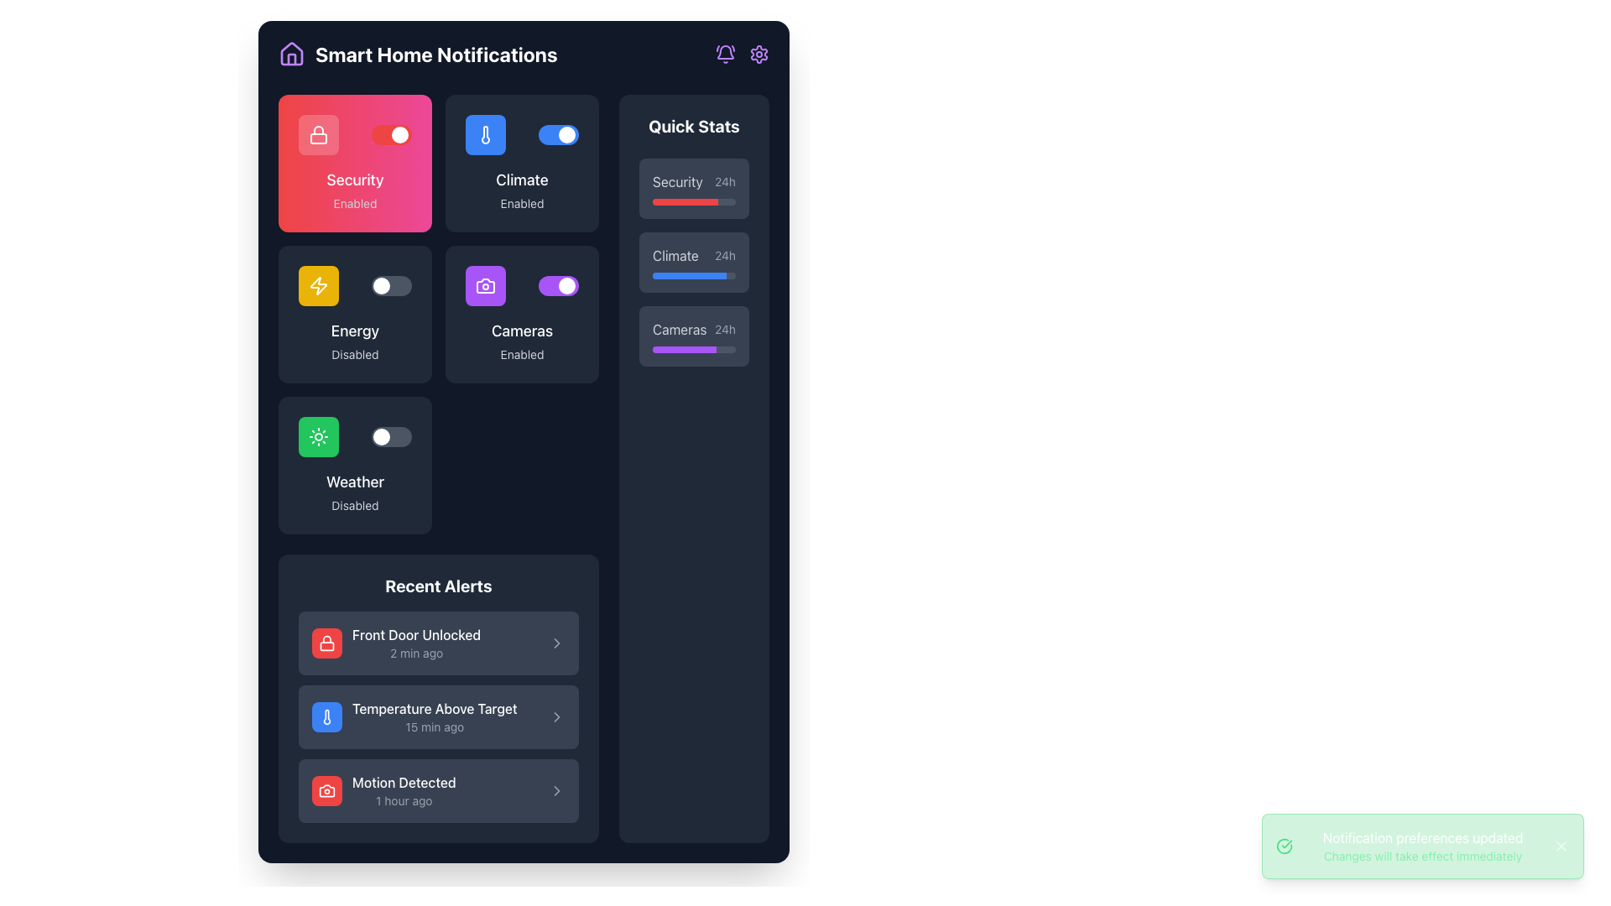 Image resolution: width=1611 pixels, height=906 pixels. Describe the element at coordinates (725, 330) in the screenshot. I see `the text label '24h' in the Quick Stats panel, which is styled in a small gray font and located next to the 'Cameras' label` at that location.